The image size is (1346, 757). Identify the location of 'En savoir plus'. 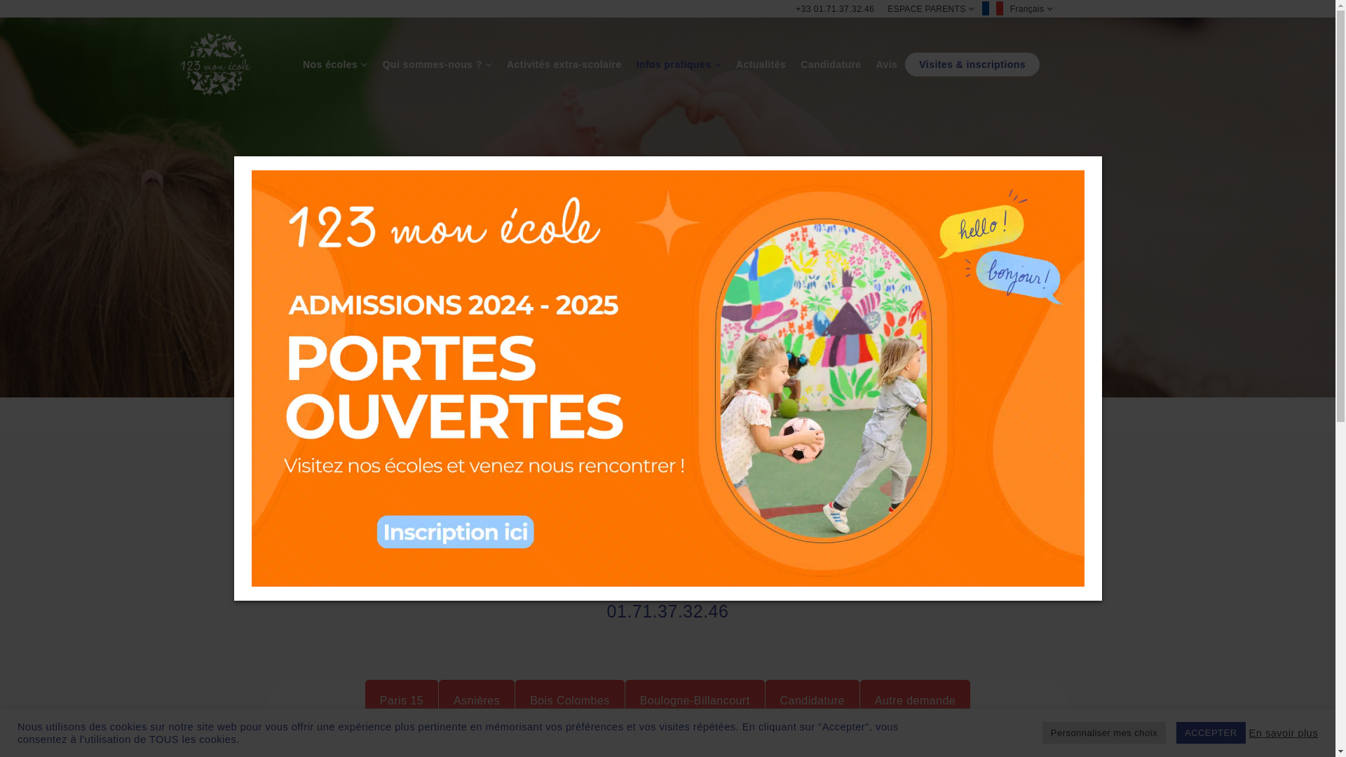
(1284, 732).